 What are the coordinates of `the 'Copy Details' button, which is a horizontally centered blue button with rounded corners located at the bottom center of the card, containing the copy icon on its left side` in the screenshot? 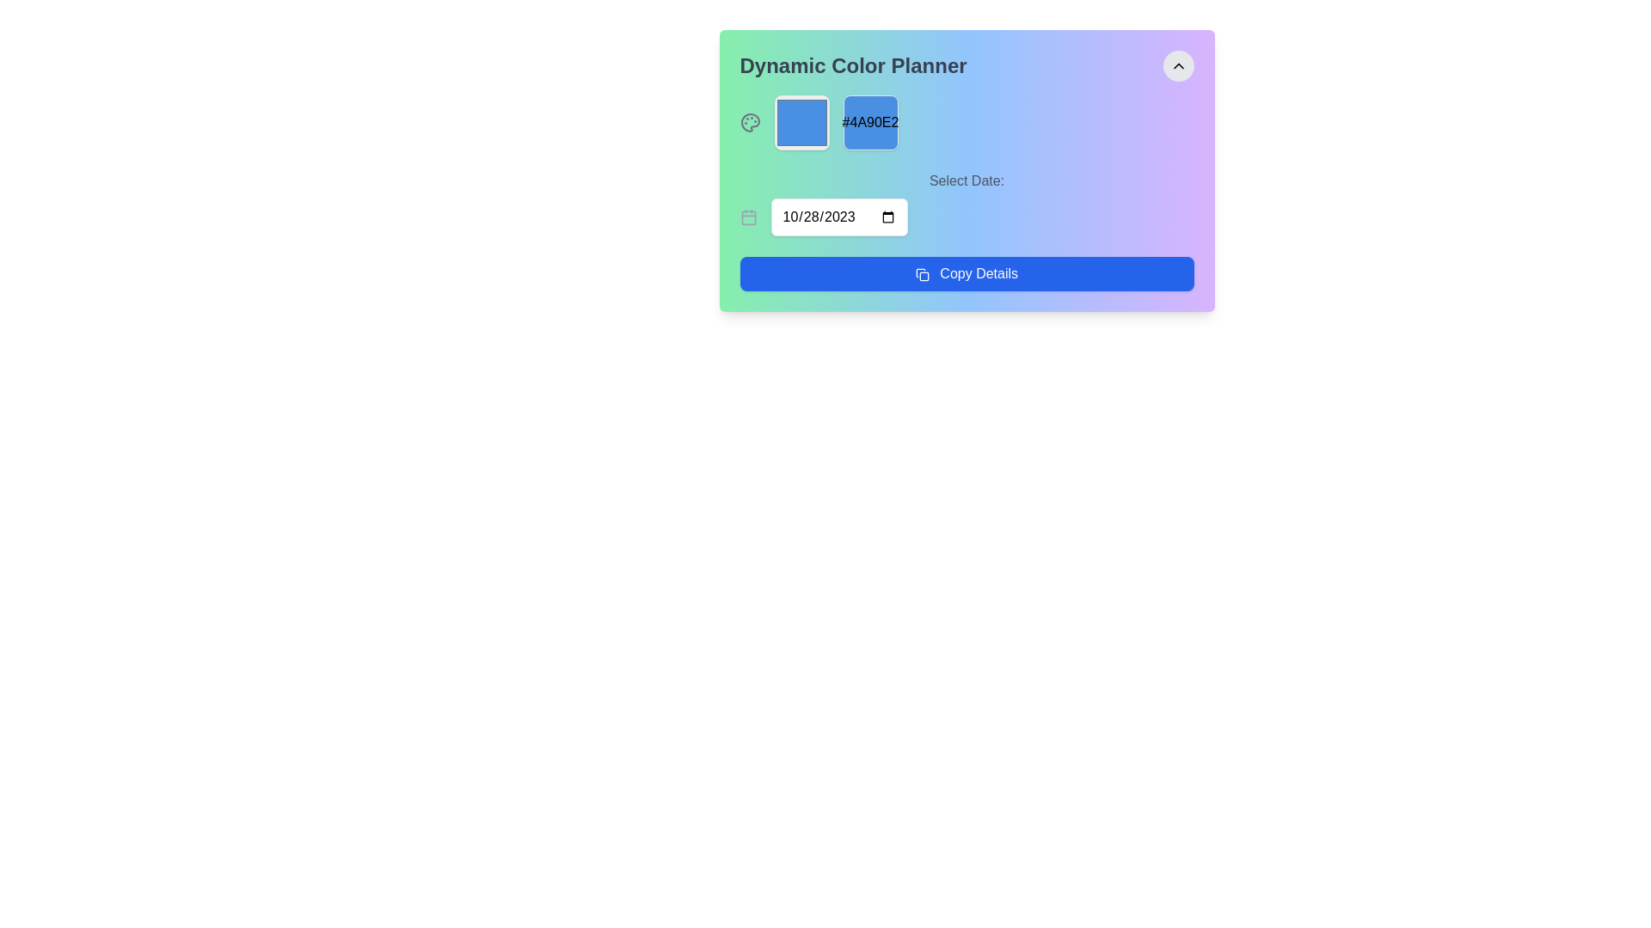 It's located at (921, 273).